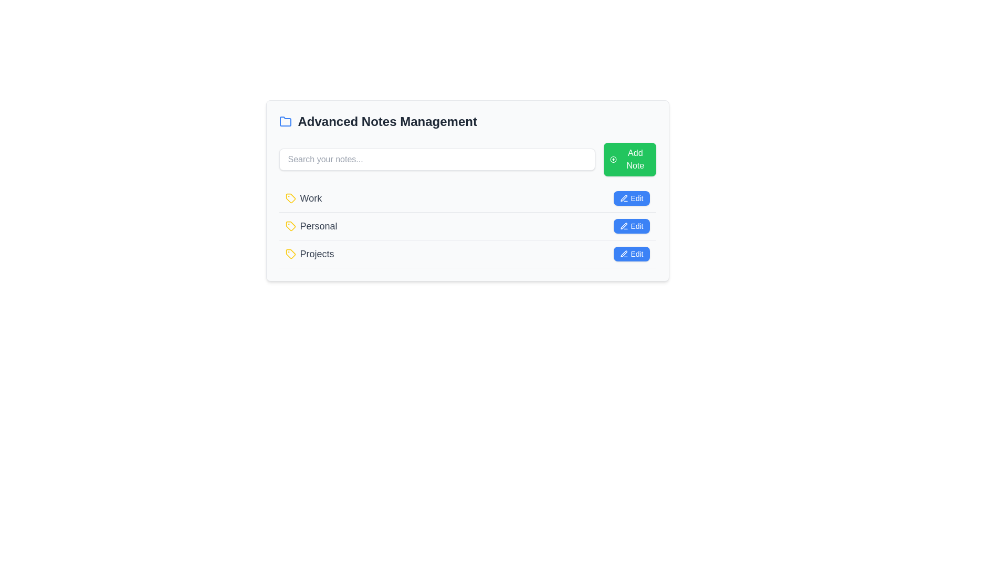 The height and width of the screenshot is (567, 1008). I want to click on the 'Edit' button, which is a small rectangular button with a blue background and white text, located at the right end of the 'Work' list item, so click(631, 198).